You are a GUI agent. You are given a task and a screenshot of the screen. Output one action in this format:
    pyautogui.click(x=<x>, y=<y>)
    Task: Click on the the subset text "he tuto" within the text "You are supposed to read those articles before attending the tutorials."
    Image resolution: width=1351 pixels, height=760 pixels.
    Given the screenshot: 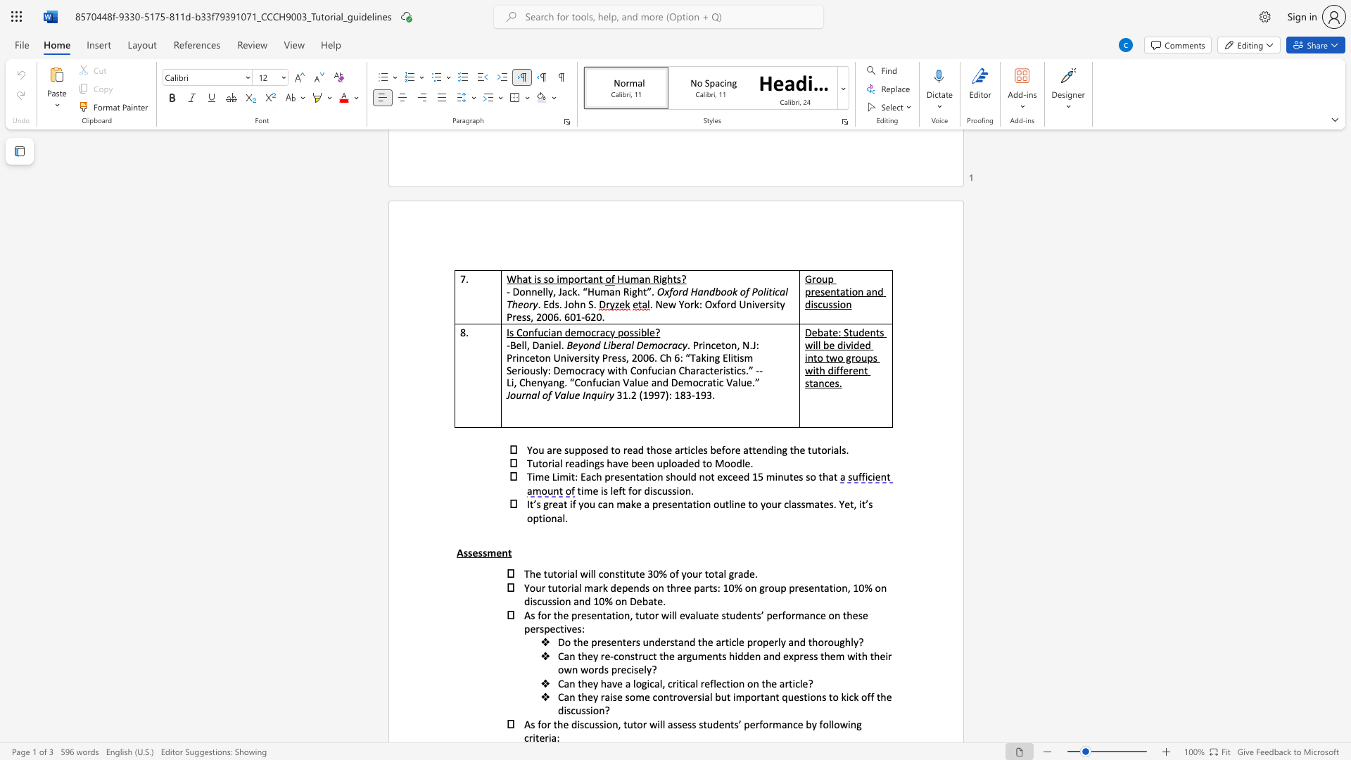 What is the action you would take?
    pyautogui.click(x=794, y=450)
    